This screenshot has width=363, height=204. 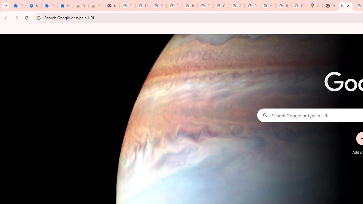 I want to click on 'Sign in - Google Accounts', so click(x=205, y=6).